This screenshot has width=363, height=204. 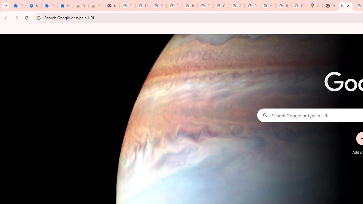 I want to click on 'Sign in - Google Accounts', so click(x=205, y=6).